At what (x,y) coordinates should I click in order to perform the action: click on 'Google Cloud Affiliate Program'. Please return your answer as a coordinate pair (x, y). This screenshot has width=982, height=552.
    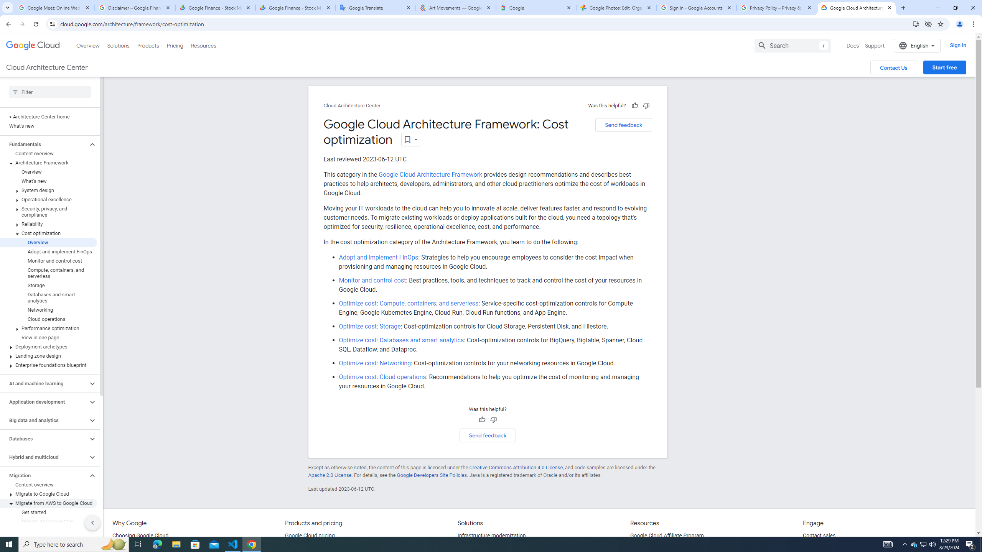
    Looking at the image, I should click on (667, 536).